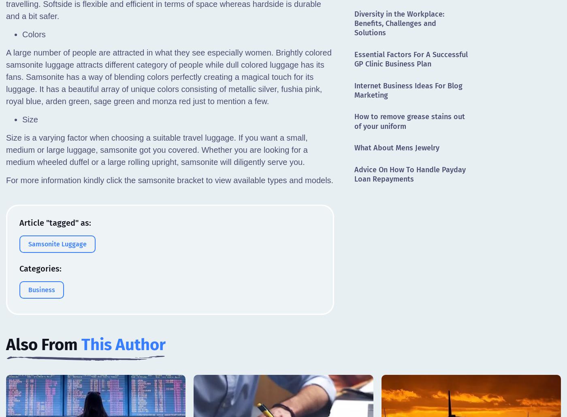 This screenshot has width=567, height=417. What do you see at coordinates (168, 77) in the screenshot?
I see `'A large number of people are attracted in what they see especially women. Brightly colored samsonite luggage attracts different category of people while dull colored luggage has its fans. Samsonite has a way of blending colors perfectly creating a magical touch for its luggage. It has a beautiful array of unique colors consisting of metallic silver, fushia pink, royal blue, arden green, sage green and monza red just to mention a few.'` at bounding box center [168, 77].